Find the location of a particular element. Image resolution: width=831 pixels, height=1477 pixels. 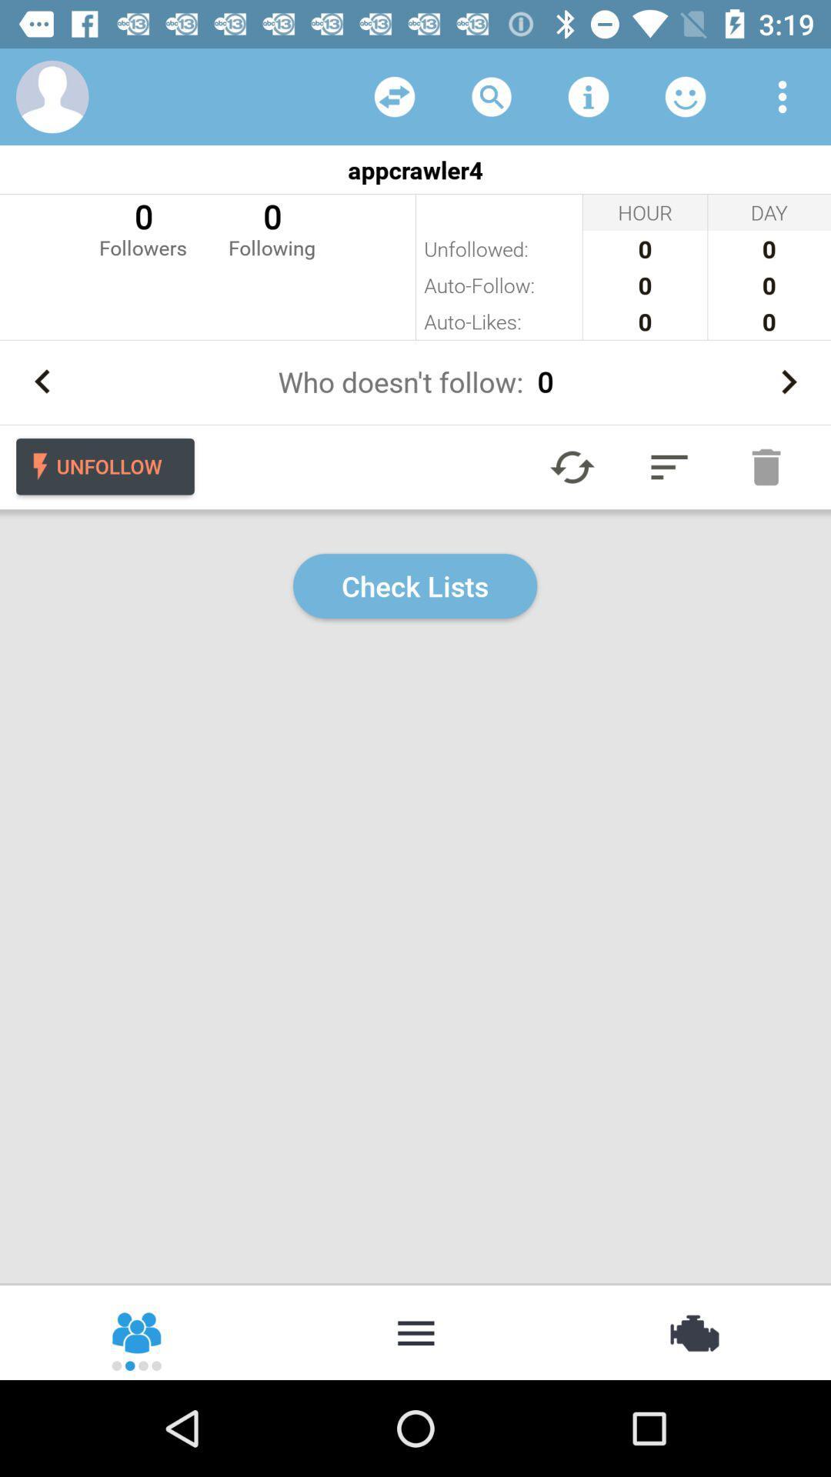

shows more numbers about followers is located at coordinates (788, 382).